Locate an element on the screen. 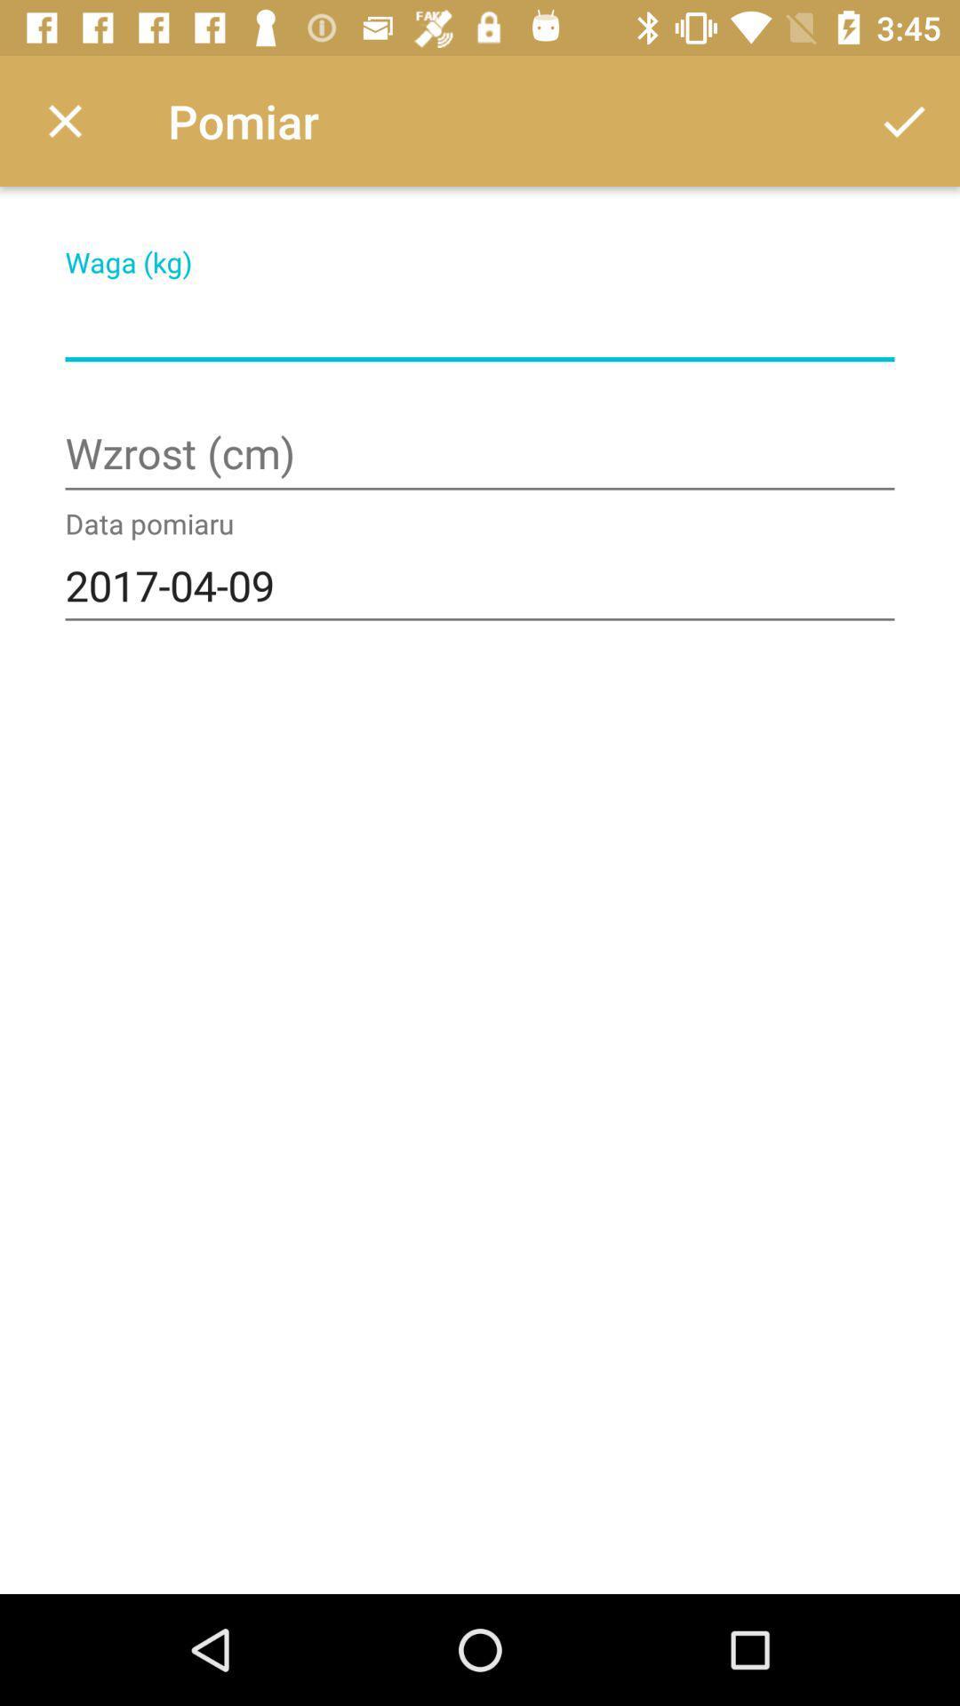  write down is located at coordinates (480, 324).